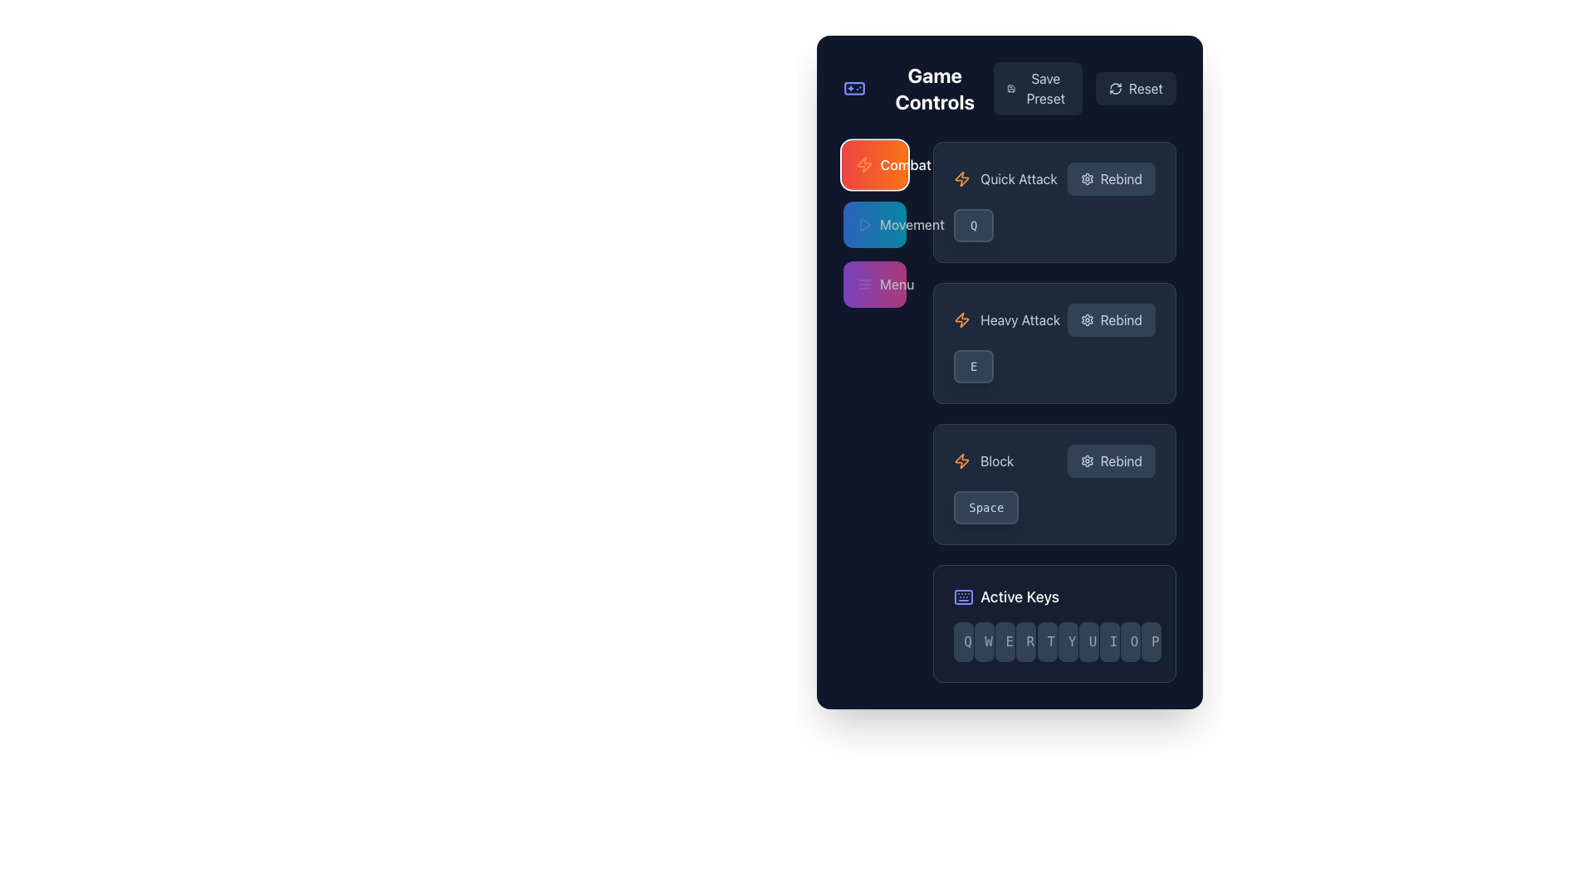 The image size is (1594, 896). I want to click on the text display box indicating the key binding 'Q' for the 'Quick Attack' action, located in the upper-right section of the interface, so click(974, 226).